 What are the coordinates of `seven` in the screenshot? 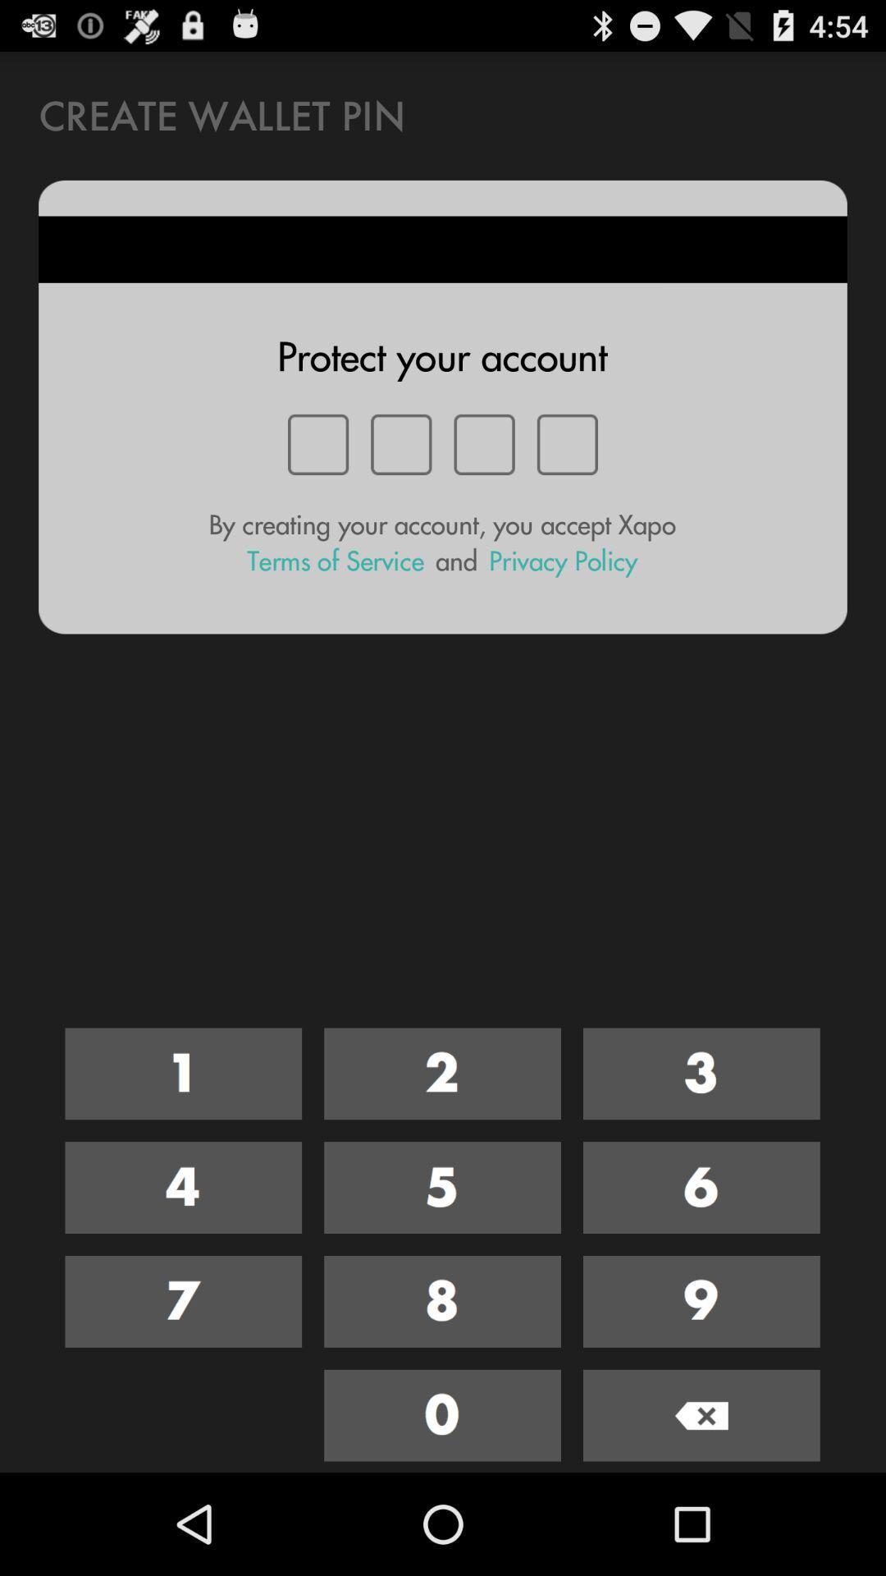 It's located at (183, 1300).